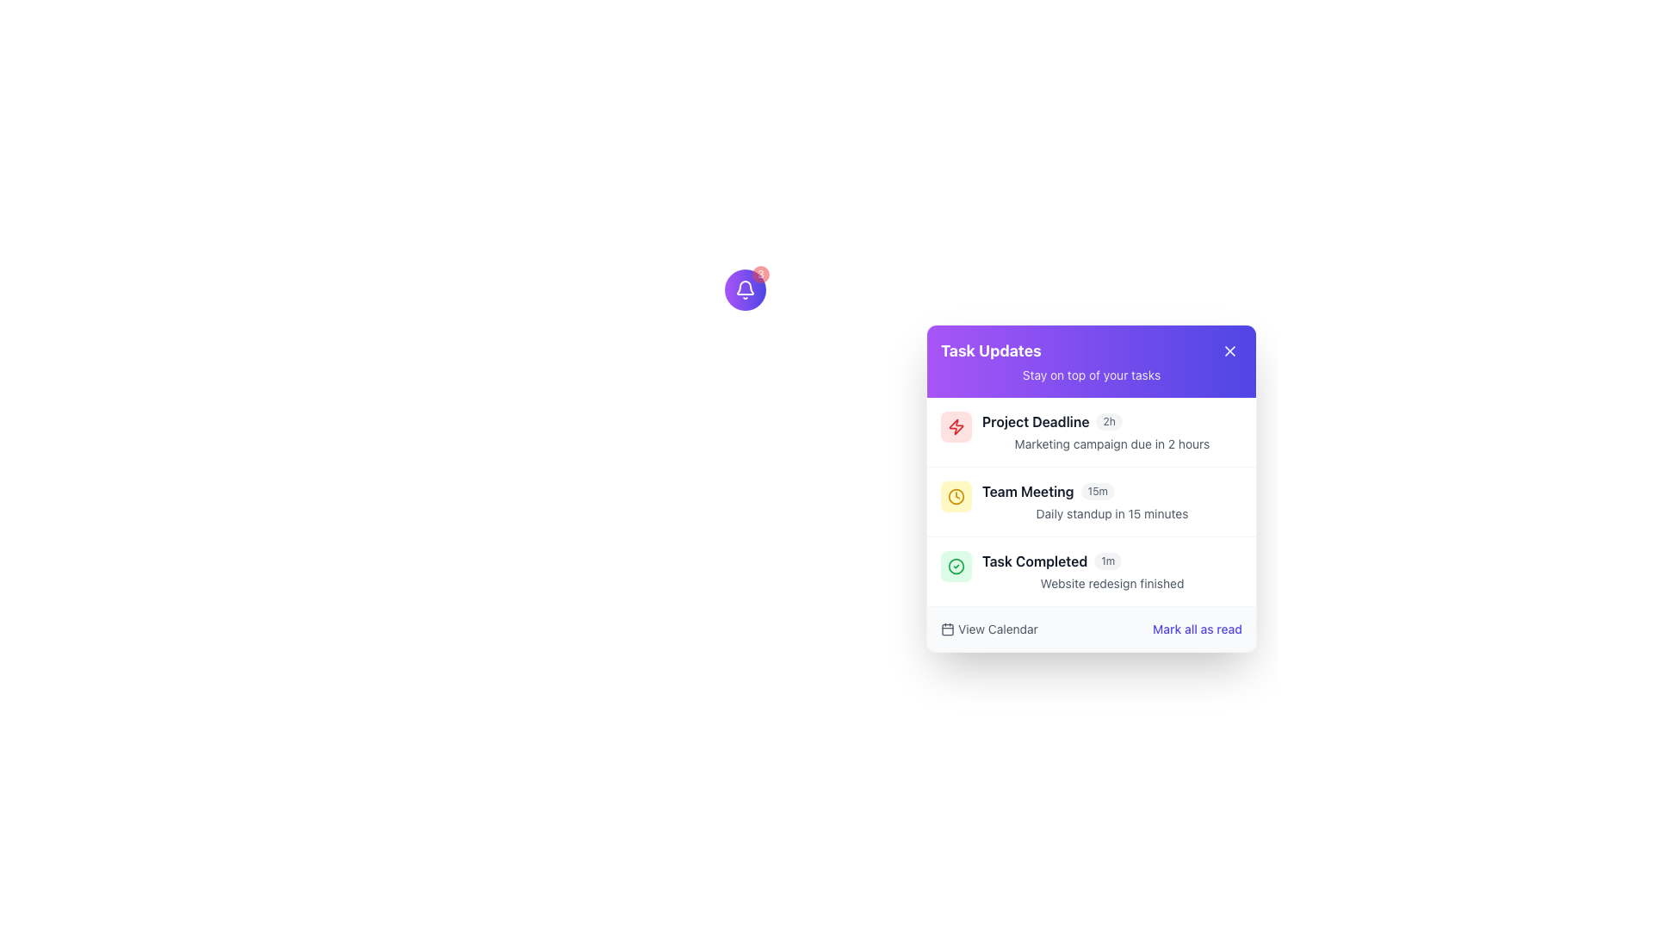 This screenshot has width=1653, height=930. I want to click on the urgency icon located at the leftmost side of the 'Project Deadline' notification card, next to the text 'Project Deadline' in the 'Task Updates' section, so click(955, 426).